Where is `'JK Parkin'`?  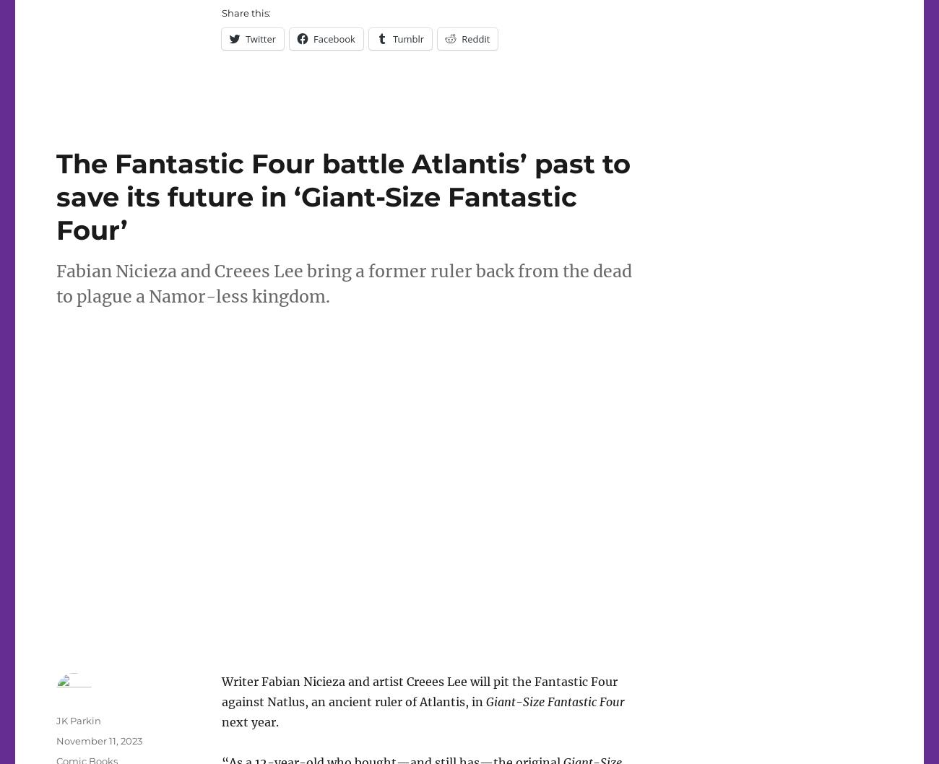 'JK Parkin' is located at coordinates (78, 719).